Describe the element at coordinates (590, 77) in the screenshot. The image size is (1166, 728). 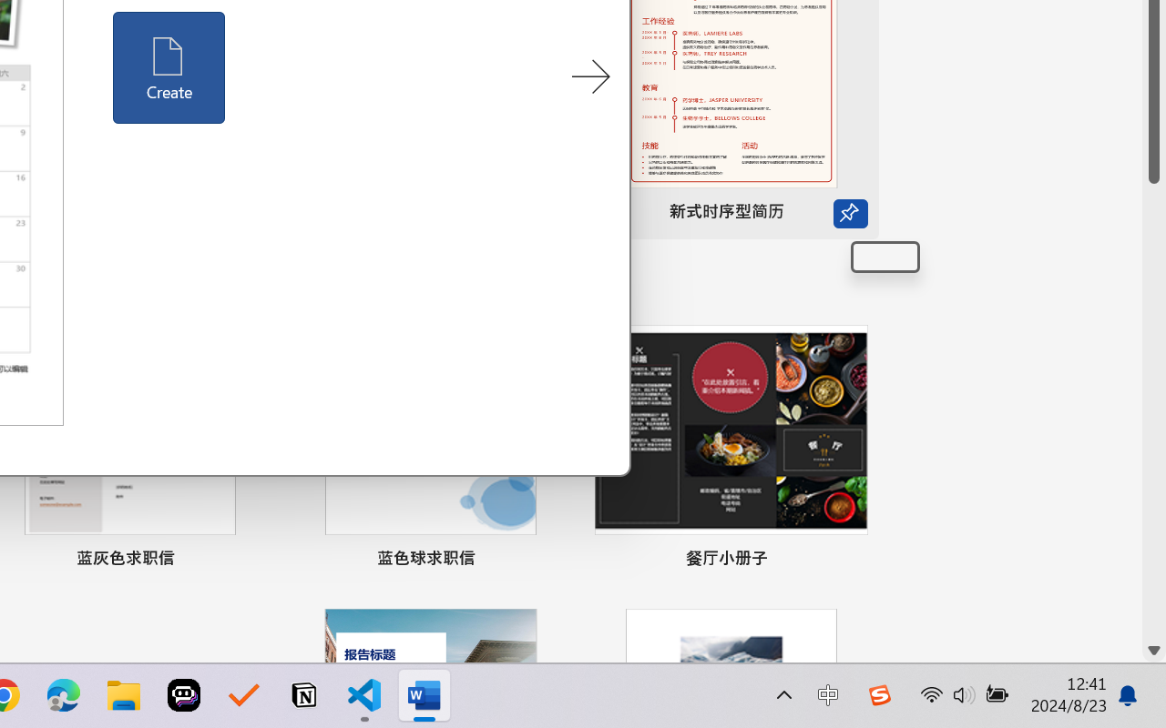
I see `'Next Template'` at that location.